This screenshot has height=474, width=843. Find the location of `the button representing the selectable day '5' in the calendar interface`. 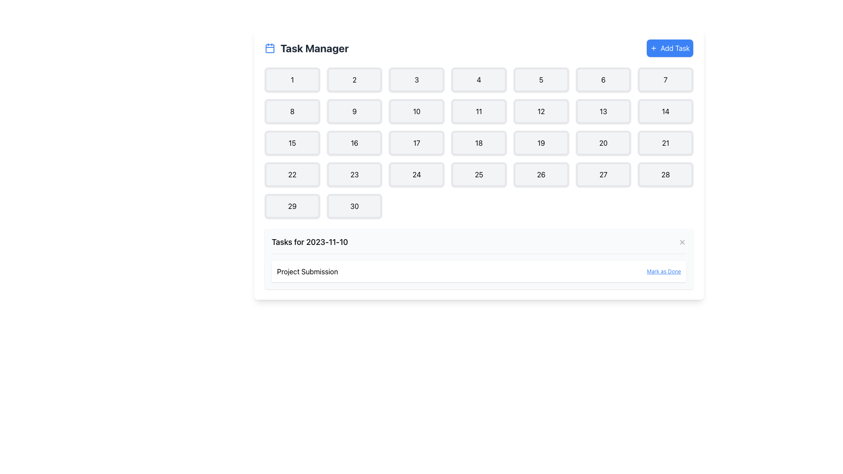

the button representing the selectable day '5' in the calendar interface is located at coordinates (540, 79).